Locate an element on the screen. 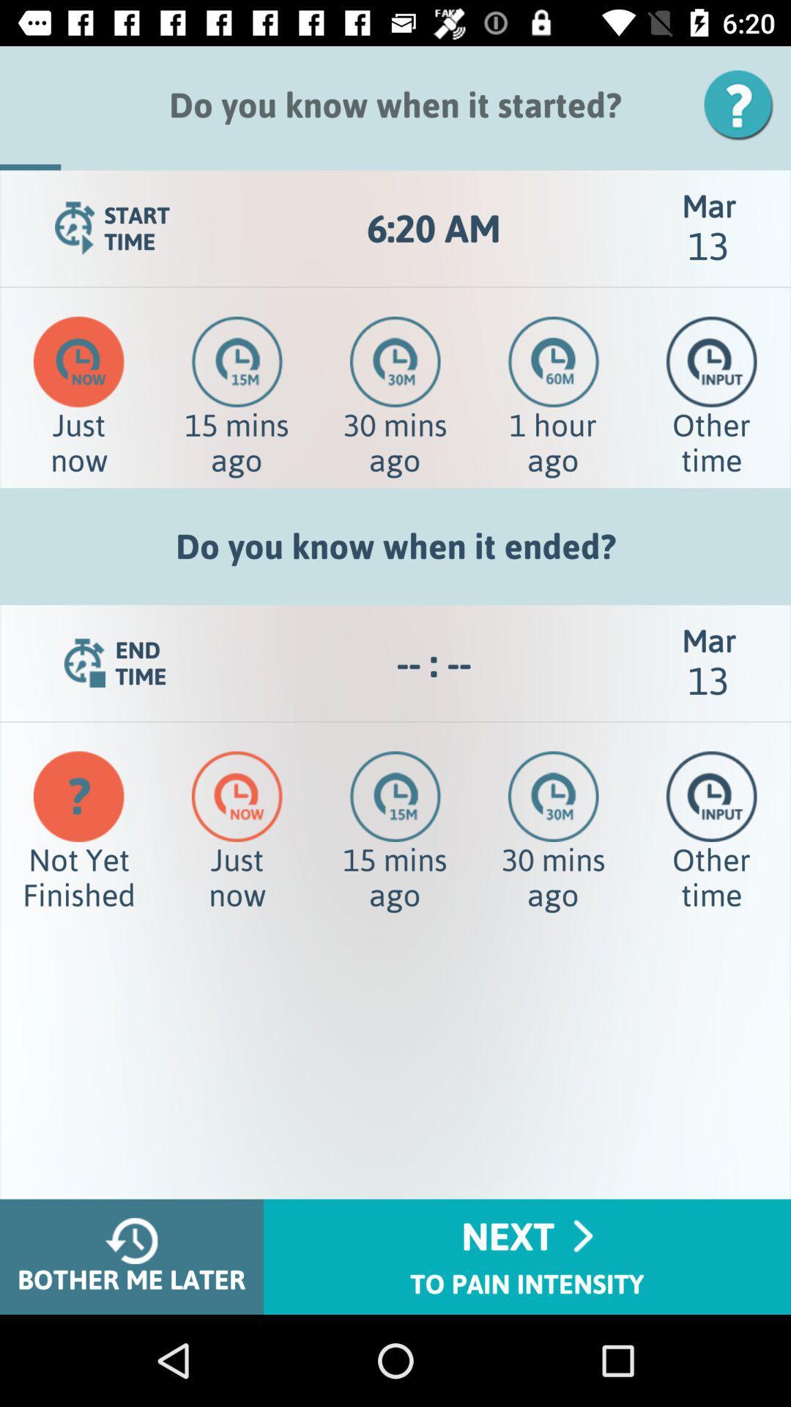  icon to the left of mar is located at coordinates (433, 228).